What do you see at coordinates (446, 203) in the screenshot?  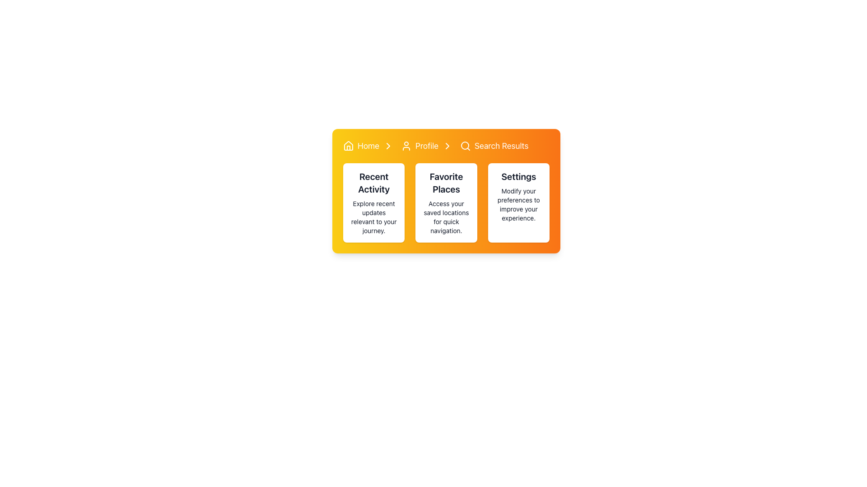 I see `the Informational Card titled 'Favorite Places', which features a bold black header and is located on an orange background, positioned in the middle of three horizontally arranged cards` at bounding box center [446, 203].